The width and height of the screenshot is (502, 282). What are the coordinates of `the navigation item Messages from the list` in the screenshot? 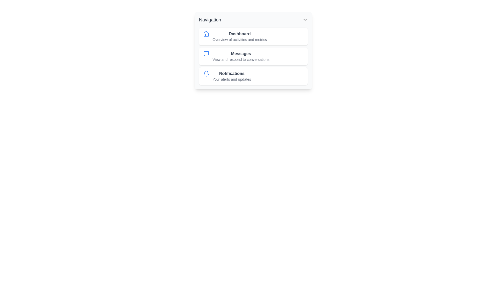 It's located at (253, 56).